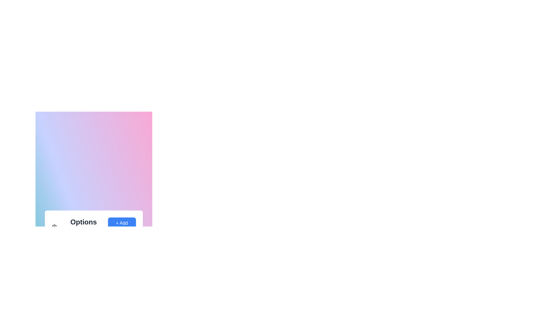 Image resolution: width=559 pixels, height=314 pixels. I want to click on the leftmost settings icon adjacent to the 'Options' text, so click(54, 226).